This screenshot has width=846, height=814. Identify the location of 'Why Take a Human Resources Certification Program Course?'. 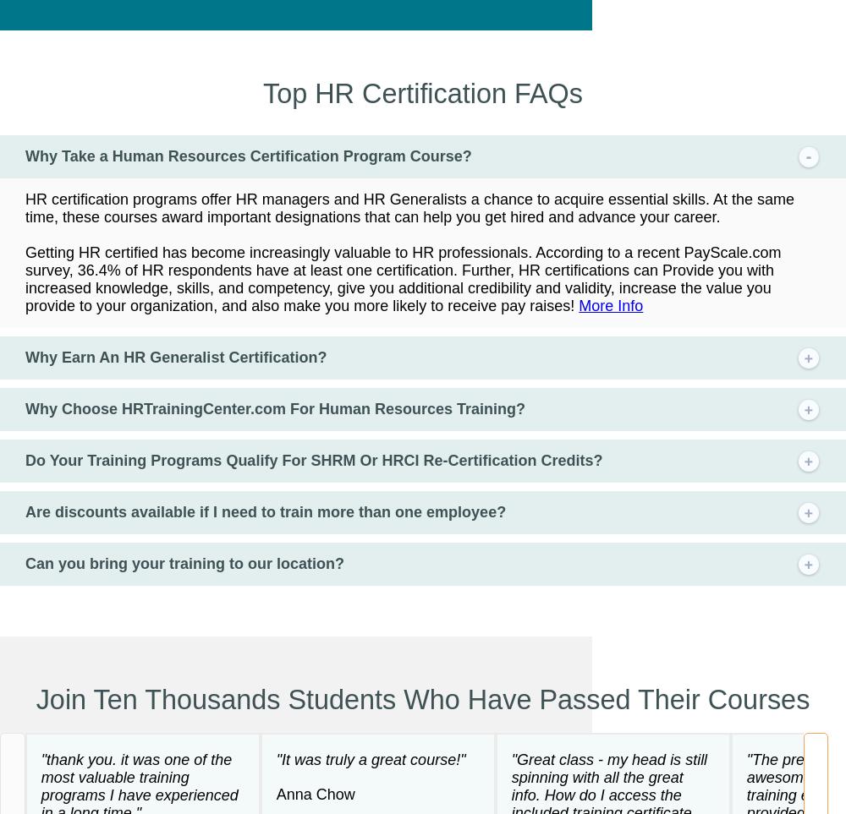
(248, 155).